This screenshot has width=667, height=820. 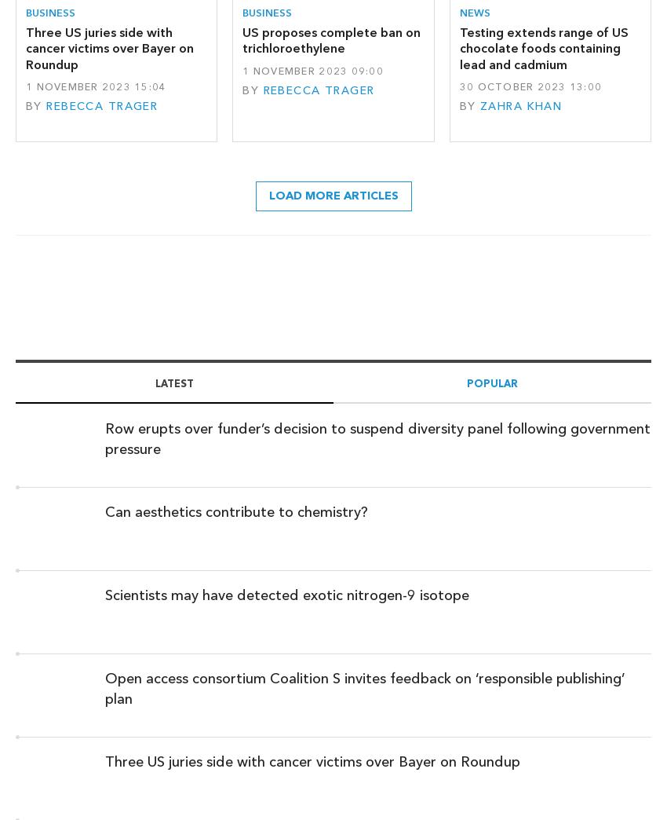 What do you see at coordinates (331, 39) in the screenshot?
I see `'US proposes complete ban on trichloroethylene'` at bounding box center [331, 39].